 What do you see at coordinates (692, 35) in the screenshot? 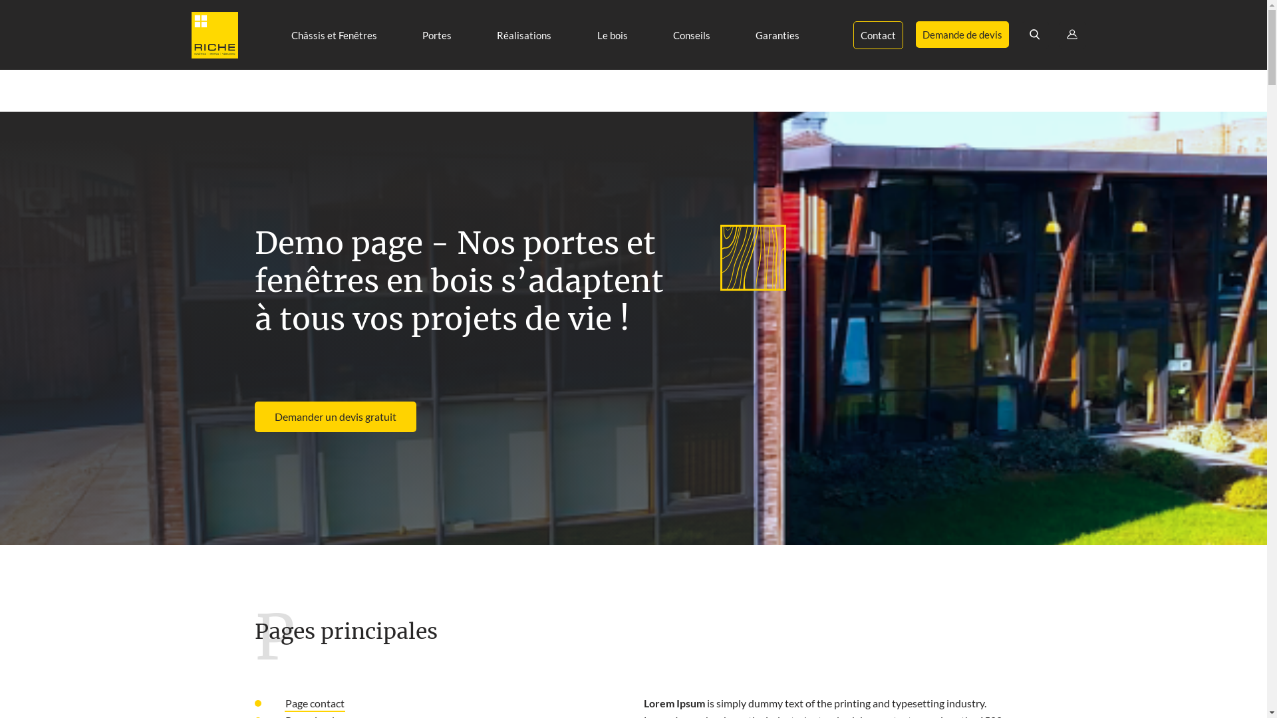
I see `'Conseils'` at bounding box center [692, 35].